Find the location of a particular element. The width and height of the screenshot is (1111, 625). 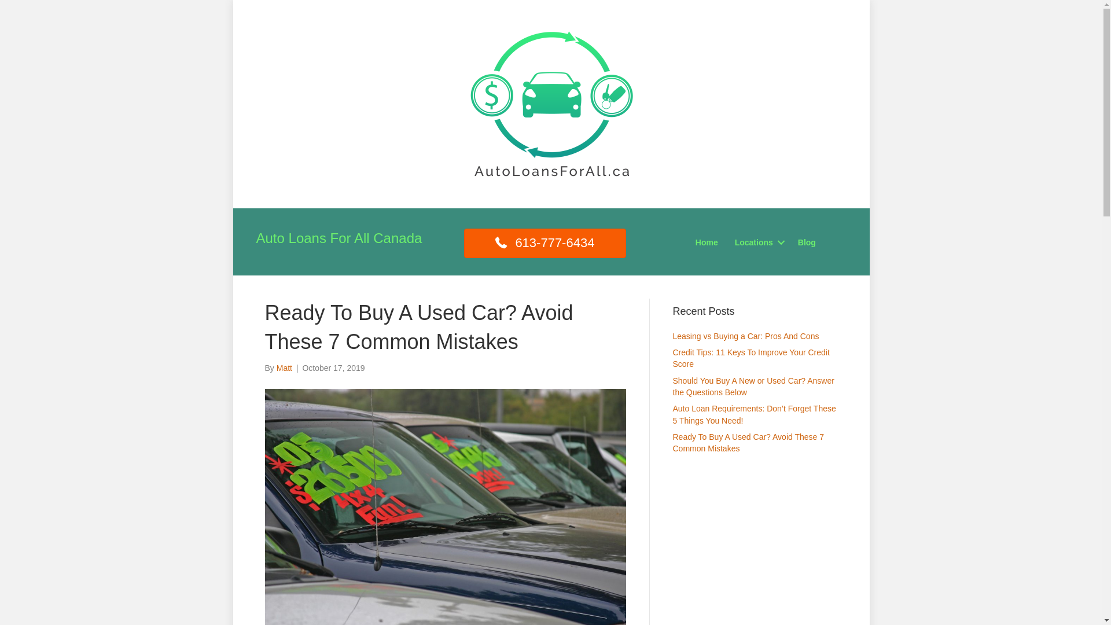

'Ready To Buy A Used Car? Avoid These 7 Common Mistakes' is located at coordinates (748, 442).